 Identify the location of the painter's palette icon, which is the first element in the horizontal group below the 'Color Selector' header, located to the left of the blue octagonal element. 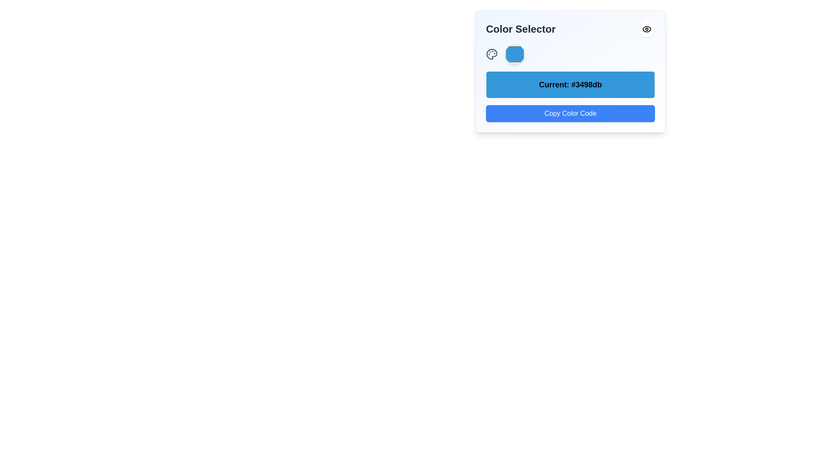
(492, 54).